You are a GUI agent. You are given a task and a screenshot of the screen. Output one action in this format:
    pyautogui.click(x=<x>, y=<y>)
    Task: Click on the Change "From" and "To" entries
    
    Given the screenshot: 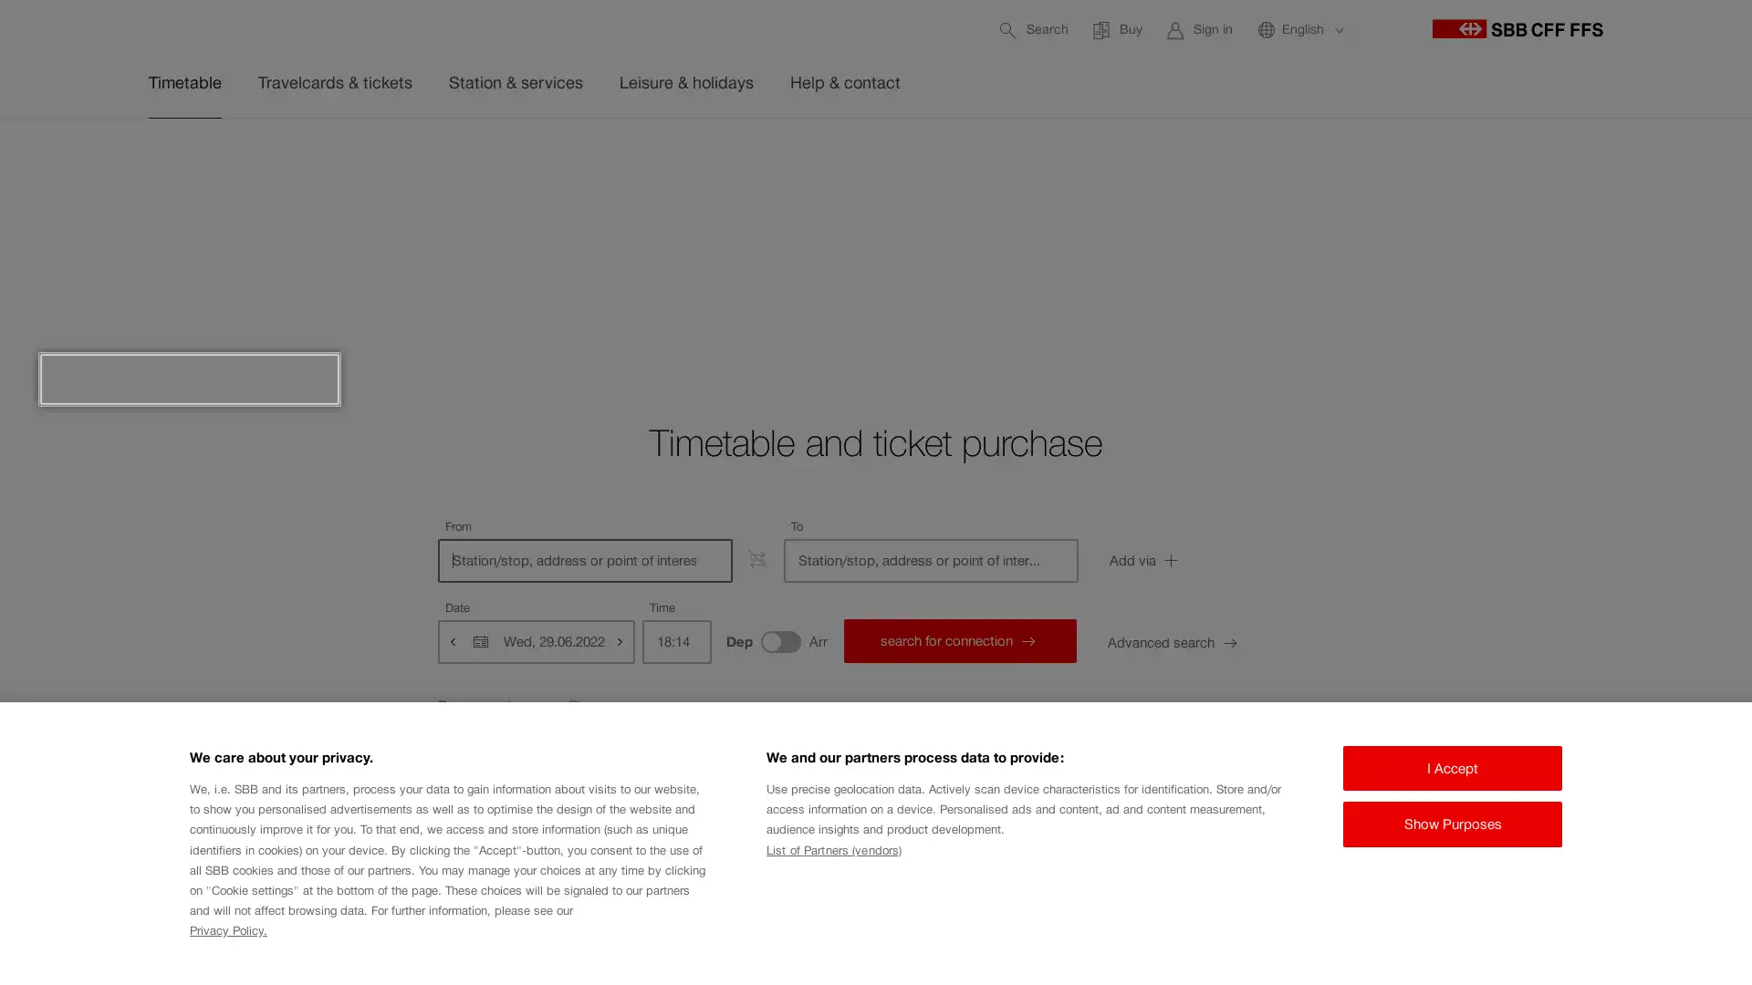 What is the action you would take?
    pyautogui.click(x=757, y=558)
    